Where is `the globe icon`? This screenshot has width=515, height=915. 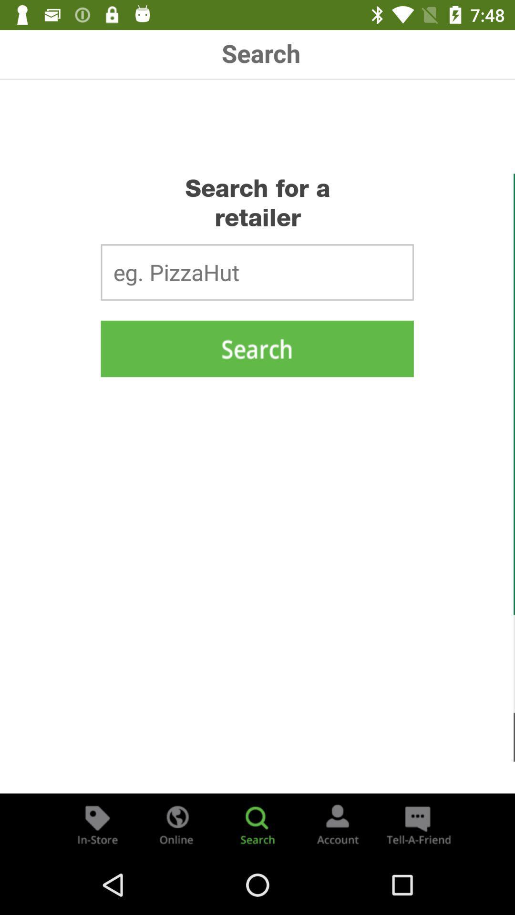 the globe icon is located at coordinates (177, 823).